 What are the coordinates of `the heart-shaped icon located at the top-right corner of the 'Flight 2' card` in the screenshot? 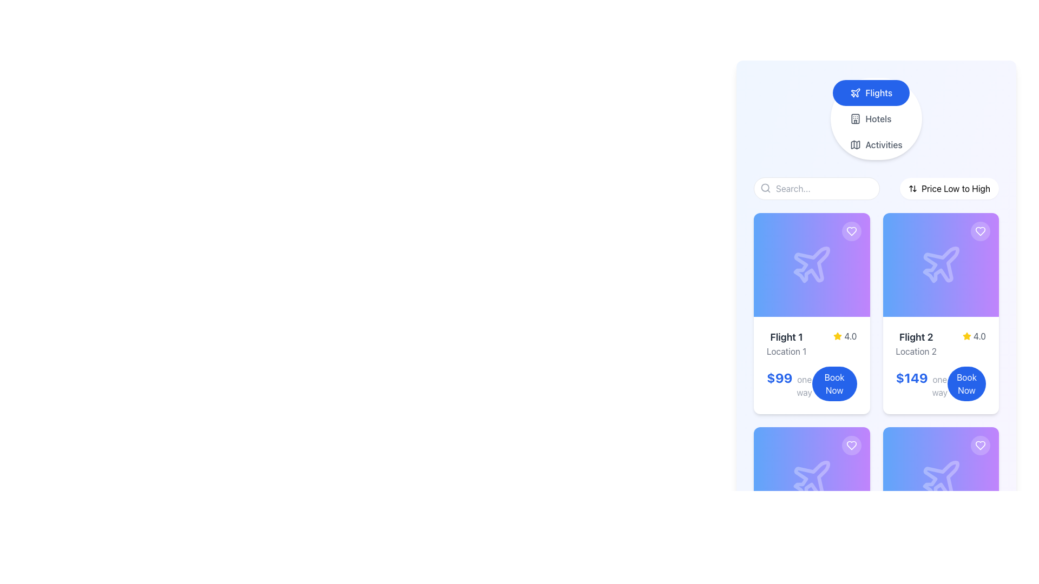 It's located at (980, 446).